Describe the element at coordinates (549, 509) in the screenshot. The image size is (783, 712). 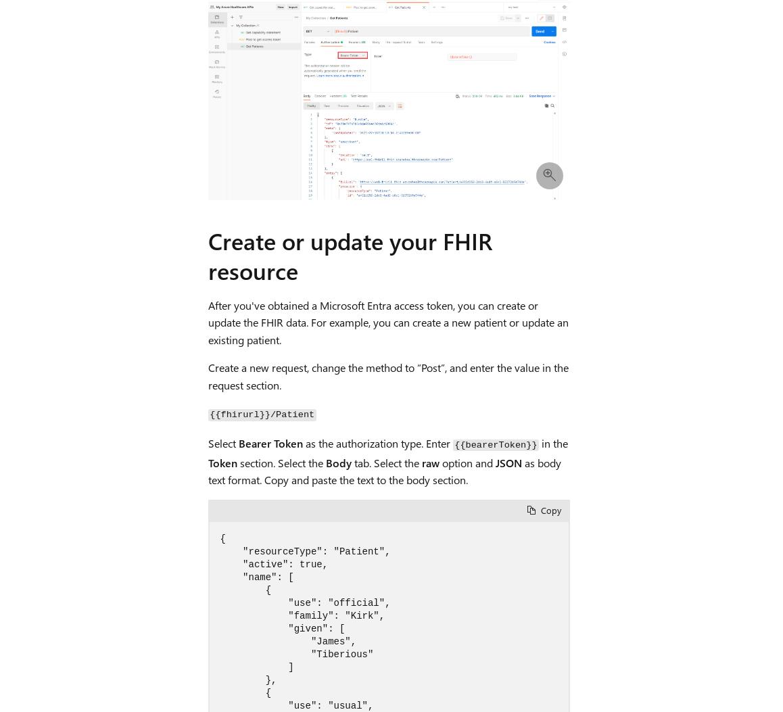
I see `'Copy'` at that location.